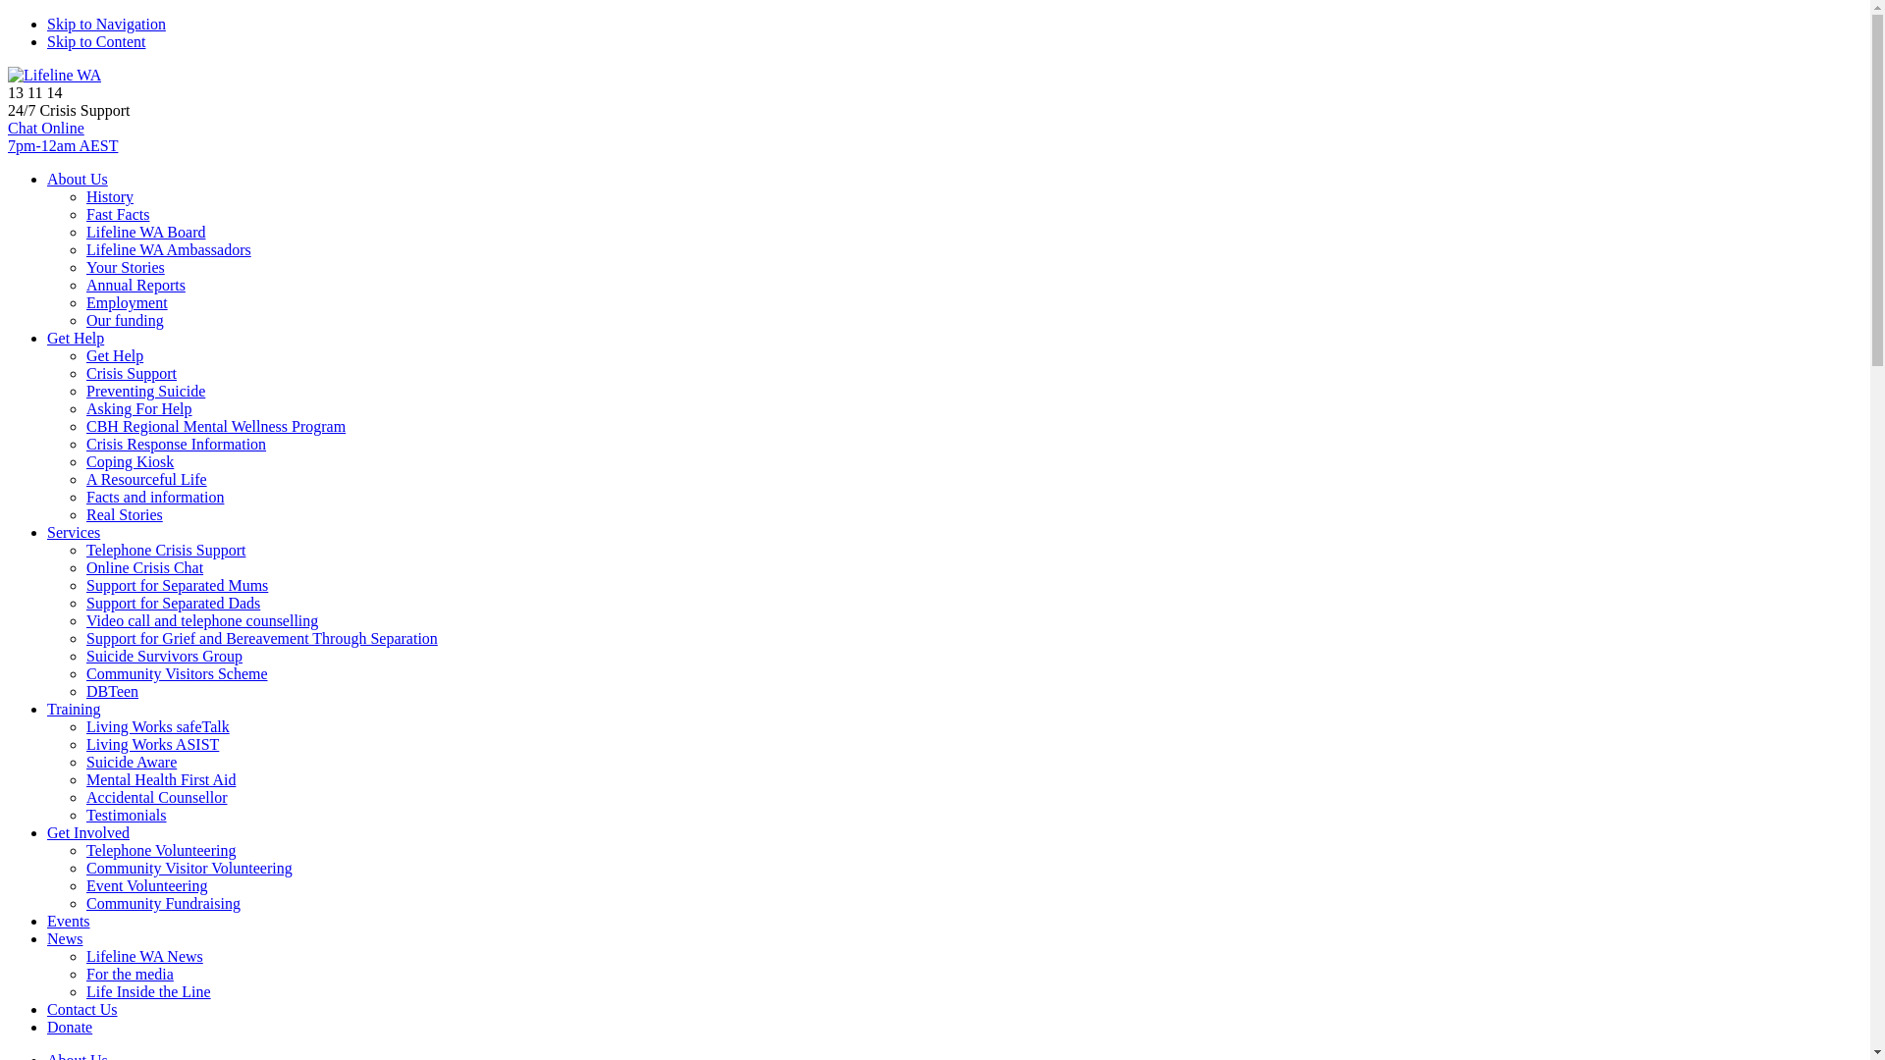 The height and width of the screenshot is (1060, 1885). I want to click on 'Annual Reports', so click(84, 285).